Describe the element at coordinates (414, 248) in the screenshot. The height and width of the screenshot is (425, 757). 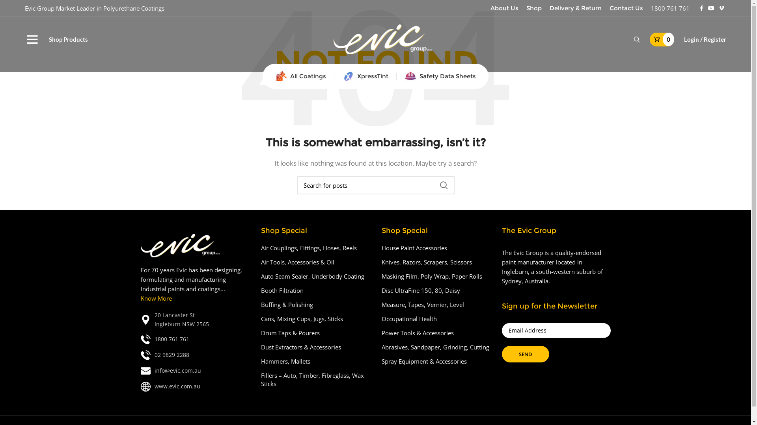
I see `'House Paint Accessories'` at that location.